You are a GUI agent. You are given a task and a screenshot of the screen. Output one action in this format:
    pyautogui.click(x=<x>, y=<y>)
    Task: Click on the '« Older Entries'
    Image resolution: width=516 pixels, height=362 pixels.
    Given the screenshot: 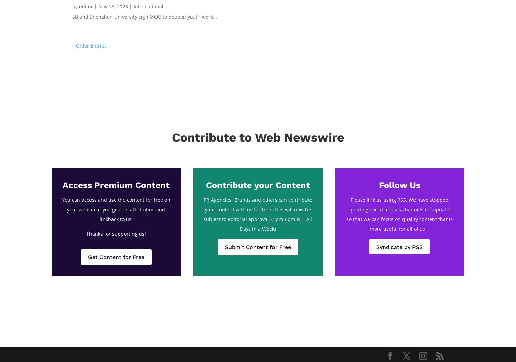 What is the action you would take?
    pyautogui.click(x=72, y=45)
    